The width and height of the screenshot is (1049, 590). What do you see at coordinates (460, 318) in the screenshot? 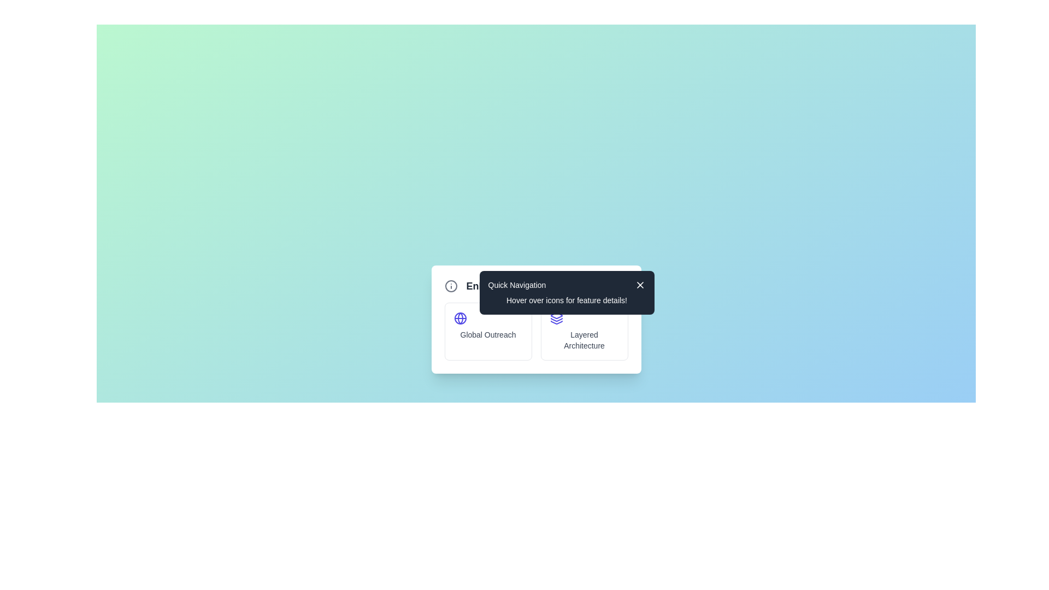
I see `the rounded globe icon with stylized longitude and latitude lines, located in the 'Global Outreach' section above the corresponding text` at bounding box center [460, 318].